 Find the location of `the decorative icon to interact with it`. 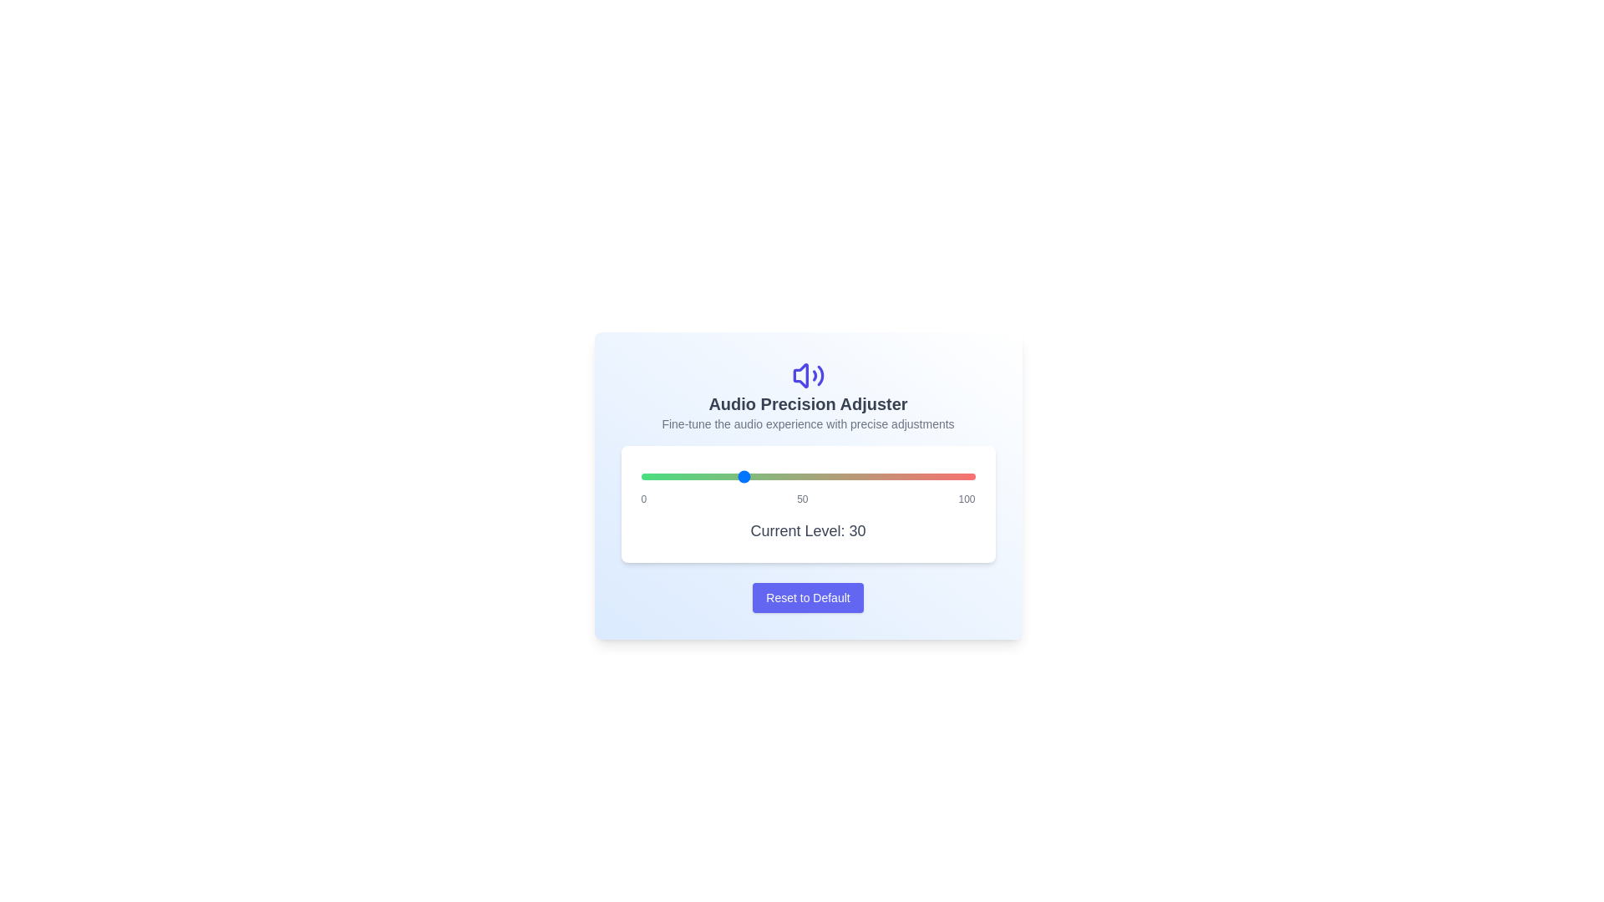

the decorative icon to interact with it is located at coordinates (808, 376).